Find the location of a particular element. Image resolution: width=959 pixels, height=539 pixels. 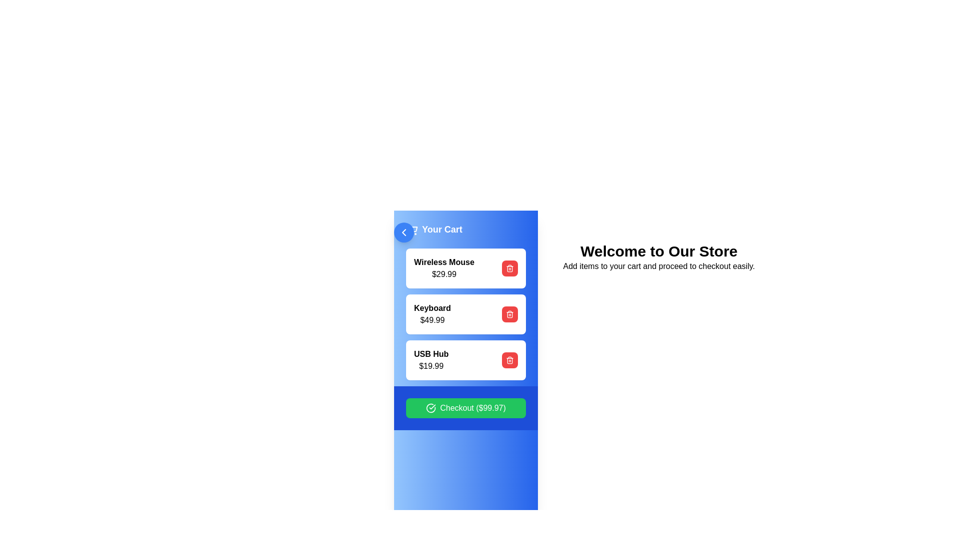

text from the 'Wireless Mouse' item label in the shopping cart, which displays its name and price is located at coordinates (444, 268).